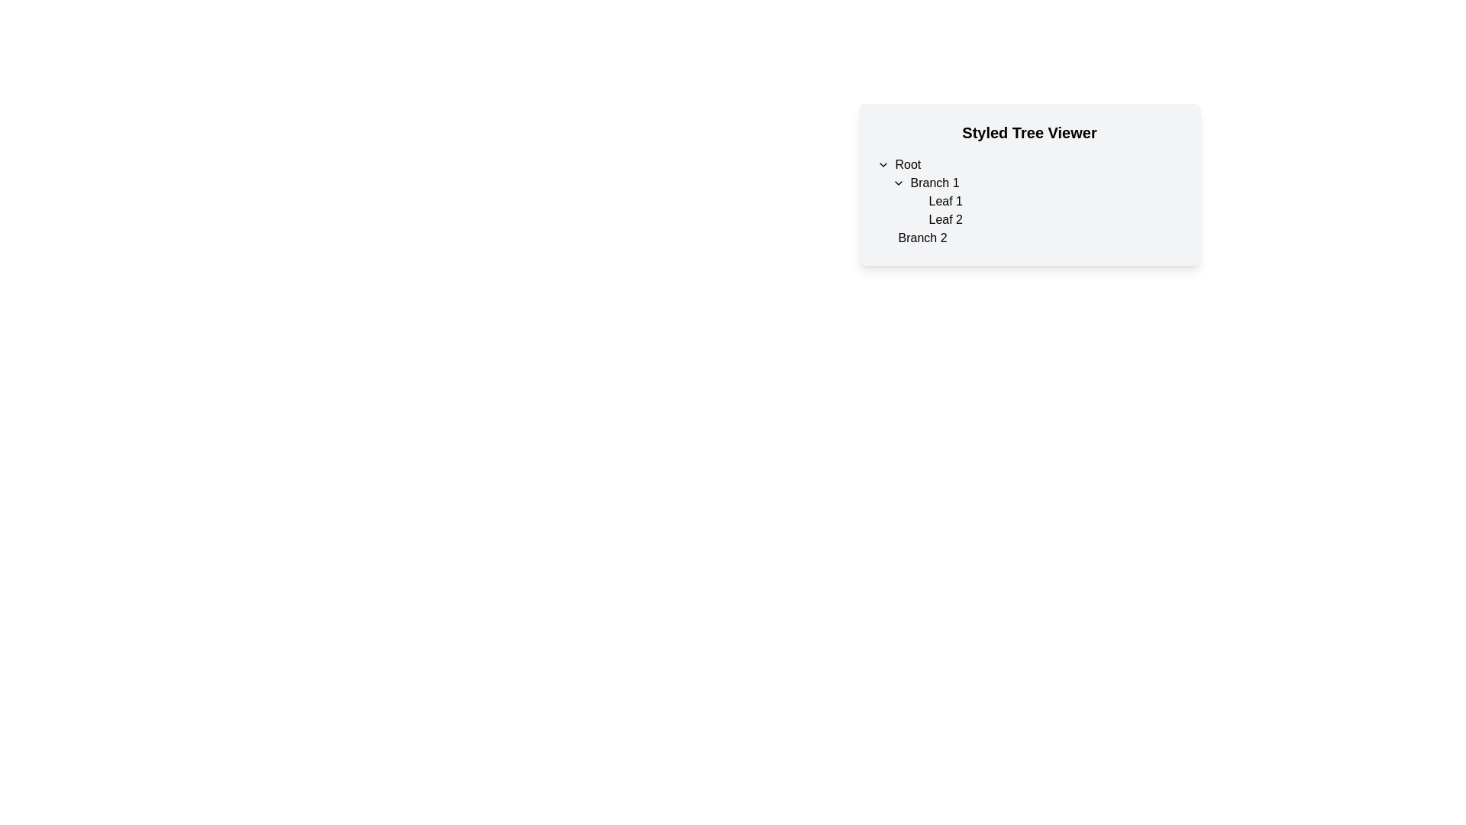  Describe the element at coordinates (945, 220) in the screenshot. I see `the text label 'Leaf 2' in the hierarchical tree structure for reordering` at that location.